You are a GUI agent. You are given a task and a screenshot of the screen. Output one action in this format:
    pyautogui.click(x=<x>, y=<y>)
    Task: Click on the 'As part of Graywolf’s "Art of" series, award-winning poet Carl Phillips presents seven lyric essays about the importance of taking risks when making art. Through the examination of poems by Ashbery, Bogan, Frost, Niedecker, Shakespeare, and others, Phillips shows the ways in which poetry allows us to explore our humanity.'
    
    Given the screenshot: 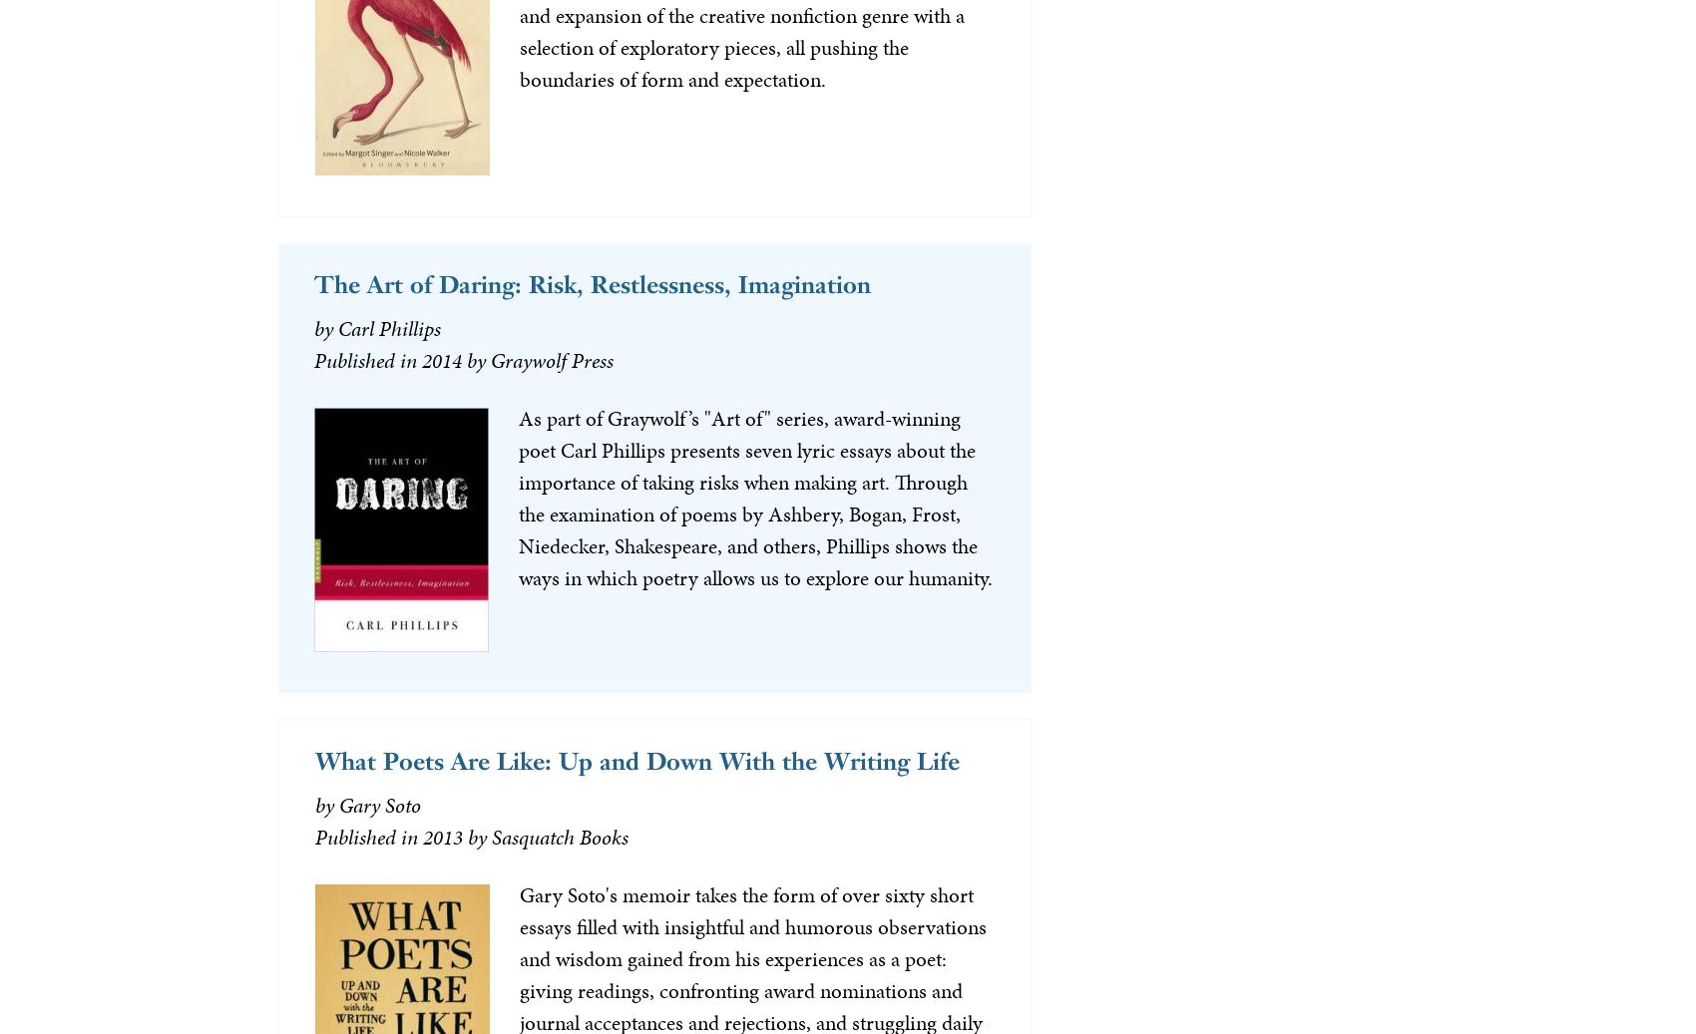 What is the action you would take?
    pyautogui.click(x=753, y=497)
    